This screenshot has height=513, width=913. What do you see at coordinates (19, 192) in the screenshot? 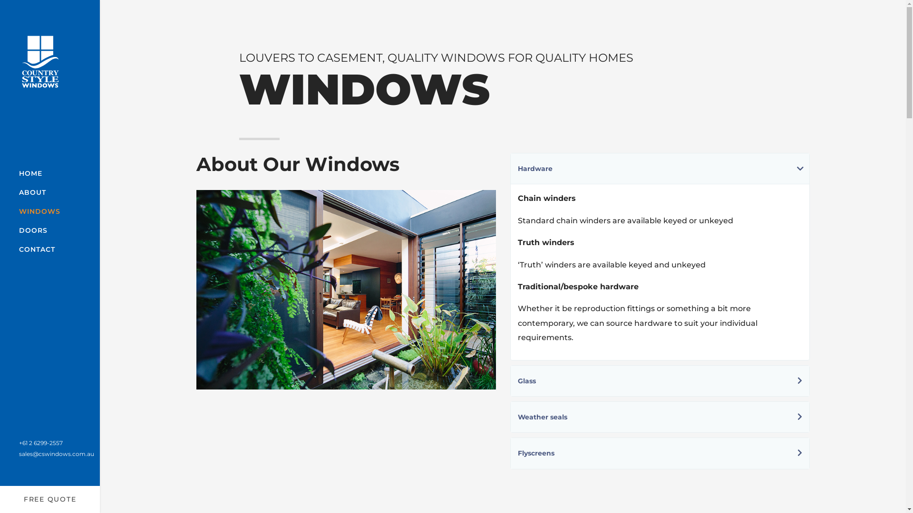
I see `'ABOUT'` at bounding box center [19, 192].